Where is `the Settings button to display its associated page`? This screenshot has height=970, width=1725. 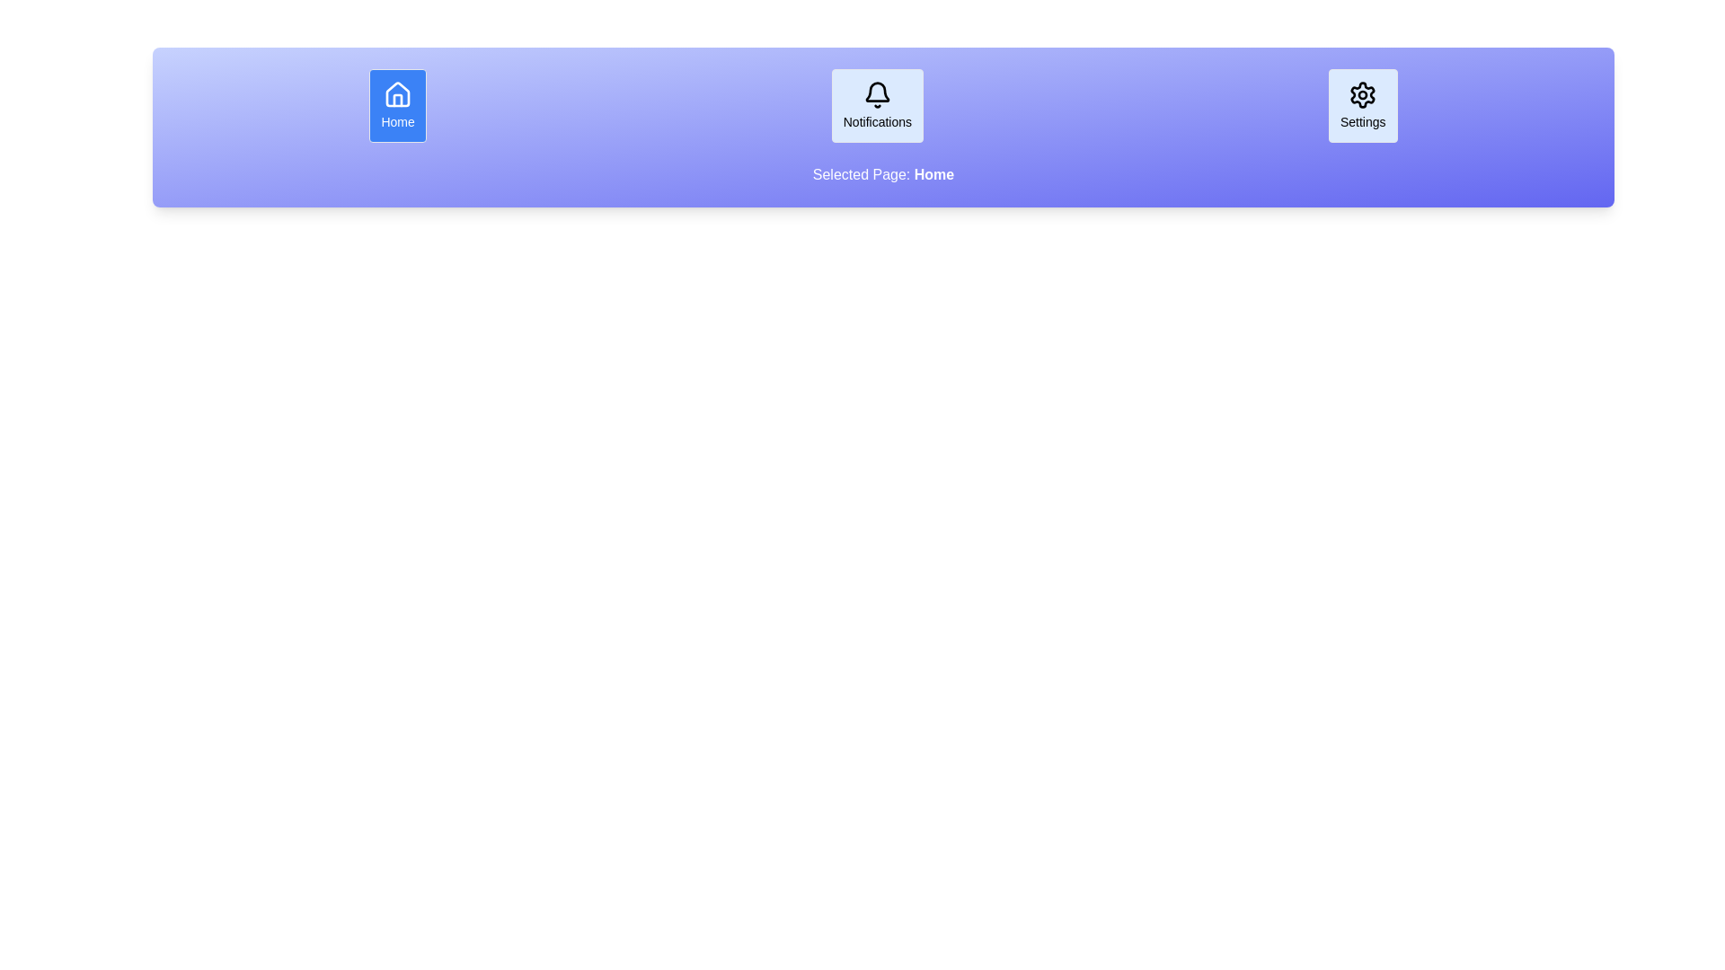
the Settings button to display its associated page is located at coordinates (1362, 106).